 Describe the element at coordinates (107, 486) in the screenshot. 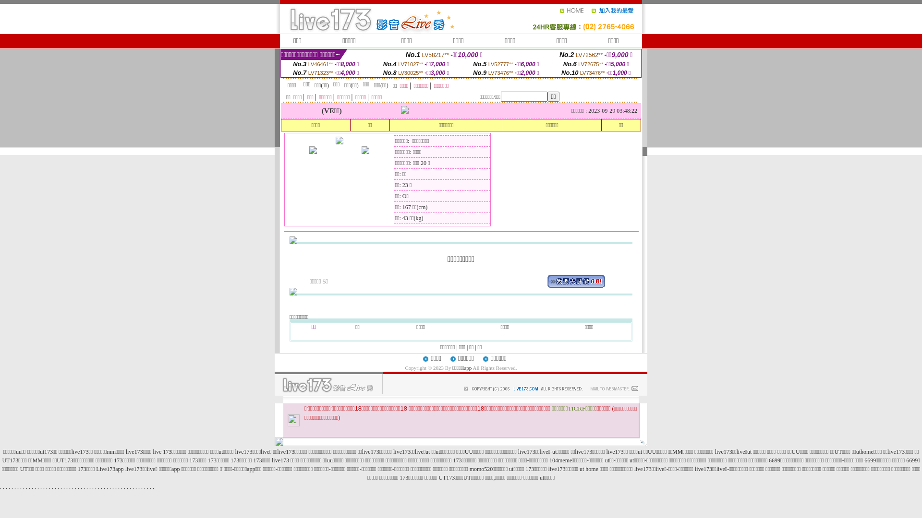

I see `'.'` at that location.